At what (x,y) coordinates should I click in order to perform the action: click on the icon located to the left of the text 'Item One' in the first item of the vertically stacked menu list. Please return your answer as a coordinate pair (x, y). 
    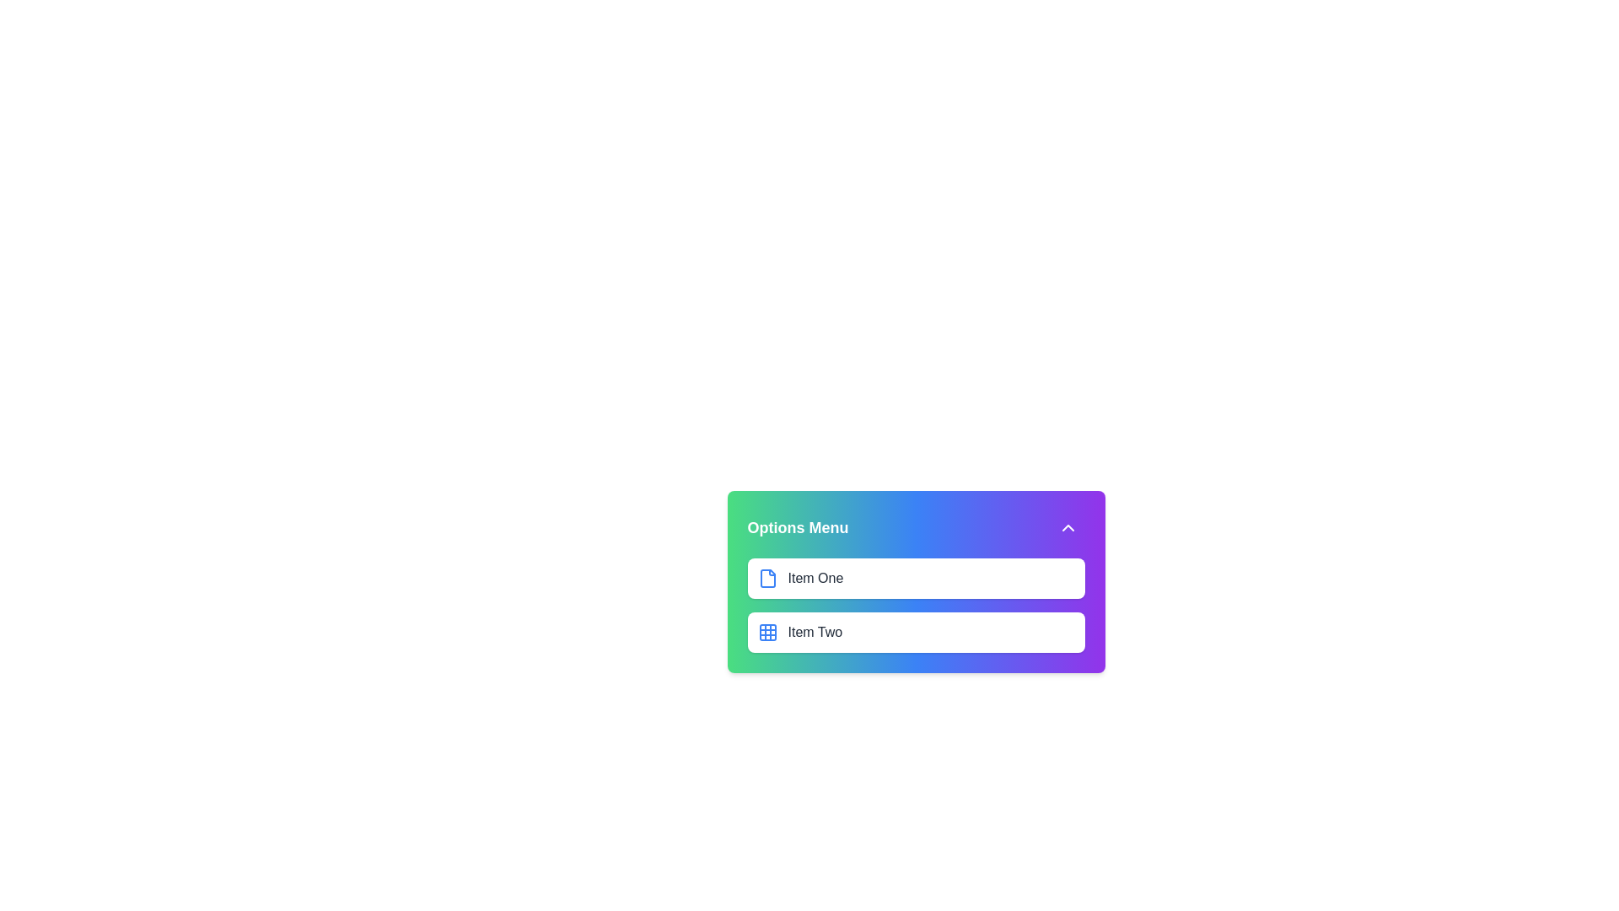
    Looking at the image, I should click on (766, 578).